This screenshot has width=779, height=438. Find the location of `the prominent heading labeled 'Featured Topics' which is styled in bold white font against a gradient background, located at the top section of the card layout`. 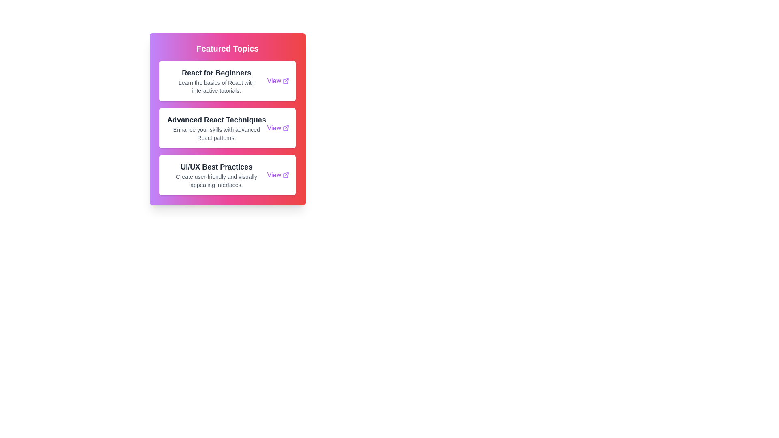

the prominent heading labeled 'Featured Topics' which is styled in bold white font against a gradient background, located at the top section of the card layout is located at coordinates (227, 48).